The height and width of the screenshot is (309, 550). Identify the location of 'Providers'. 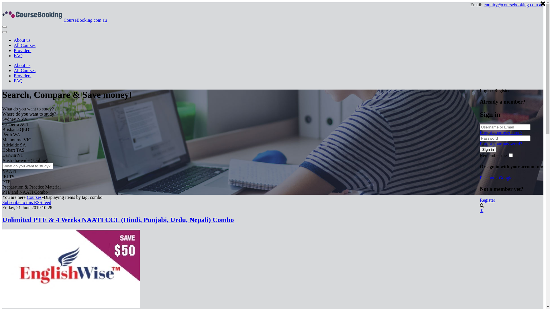
(22, 50).